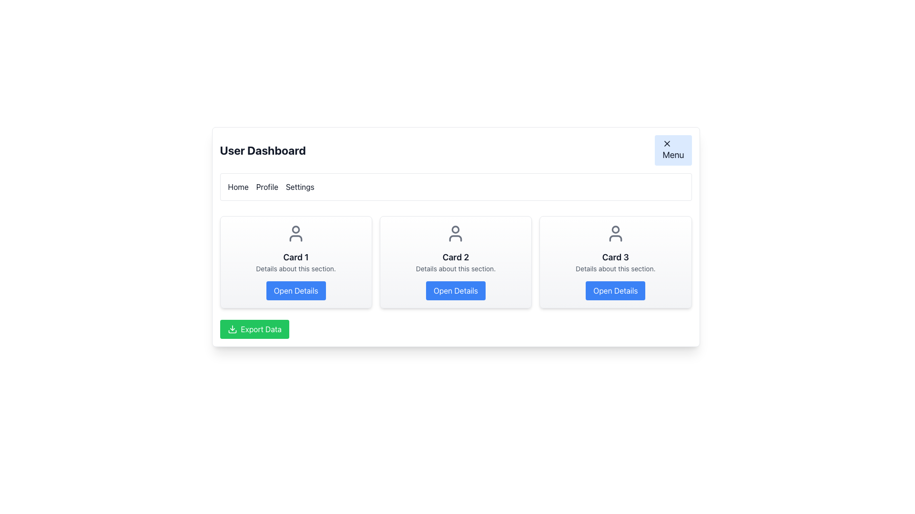 The image size is (915, 514). What do you see at coordinates (615, 268) in the screenshot?
I see `the text label at the bottom middle of 'Card 3', which provides additional context for users` at bounding box center [615, 268].